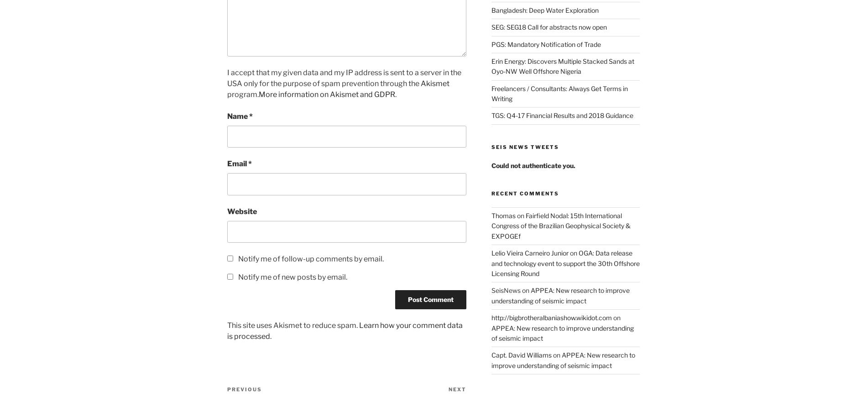 The width and height of the screenshot is (867, 394). What do you see at coordinates (491, 93) in the screenshot?
I see `'Freelancers / Consultants: Always Get Terms in Writing'` at bounding box center [491, 93].